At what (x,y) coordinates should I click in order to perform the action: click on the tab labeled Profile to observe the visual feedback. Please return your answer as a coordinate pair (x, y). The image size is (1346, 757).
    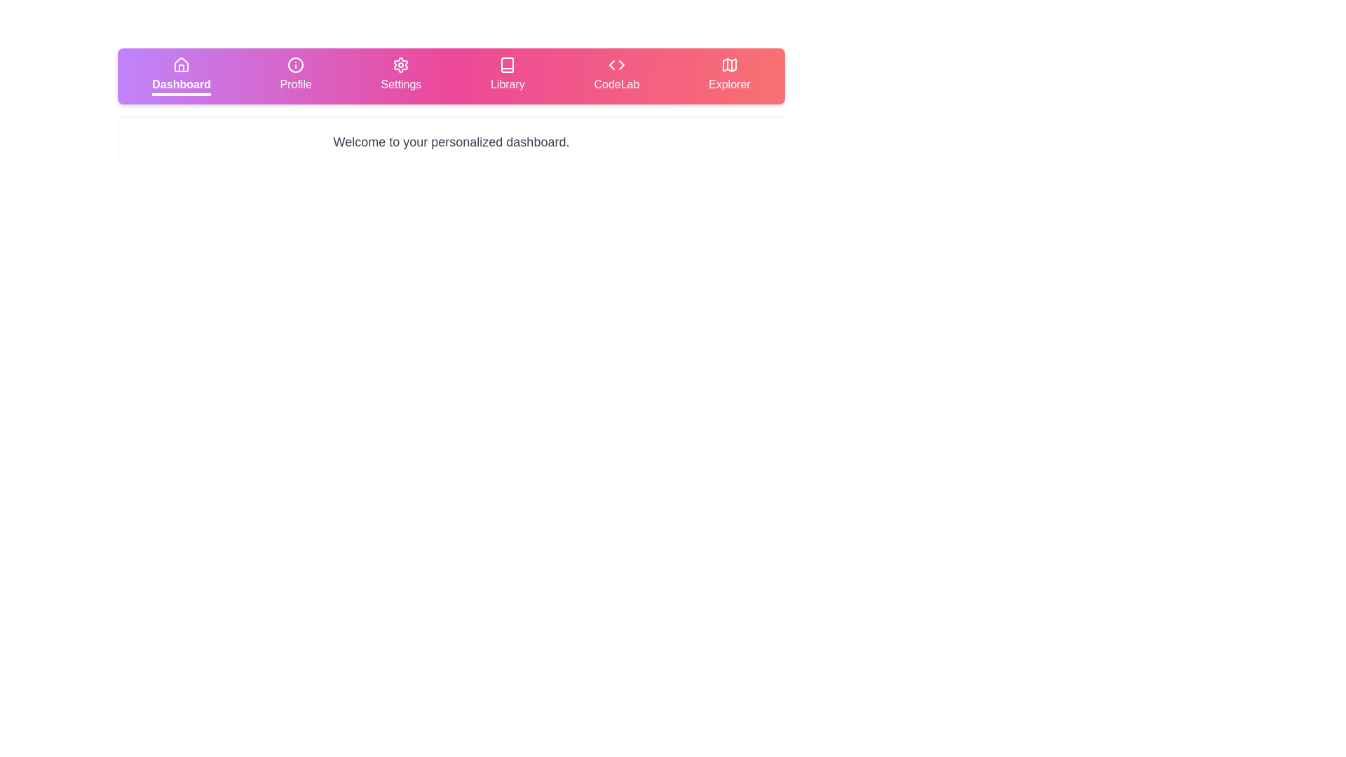
    Looking at the image, I should click on (295, 76).